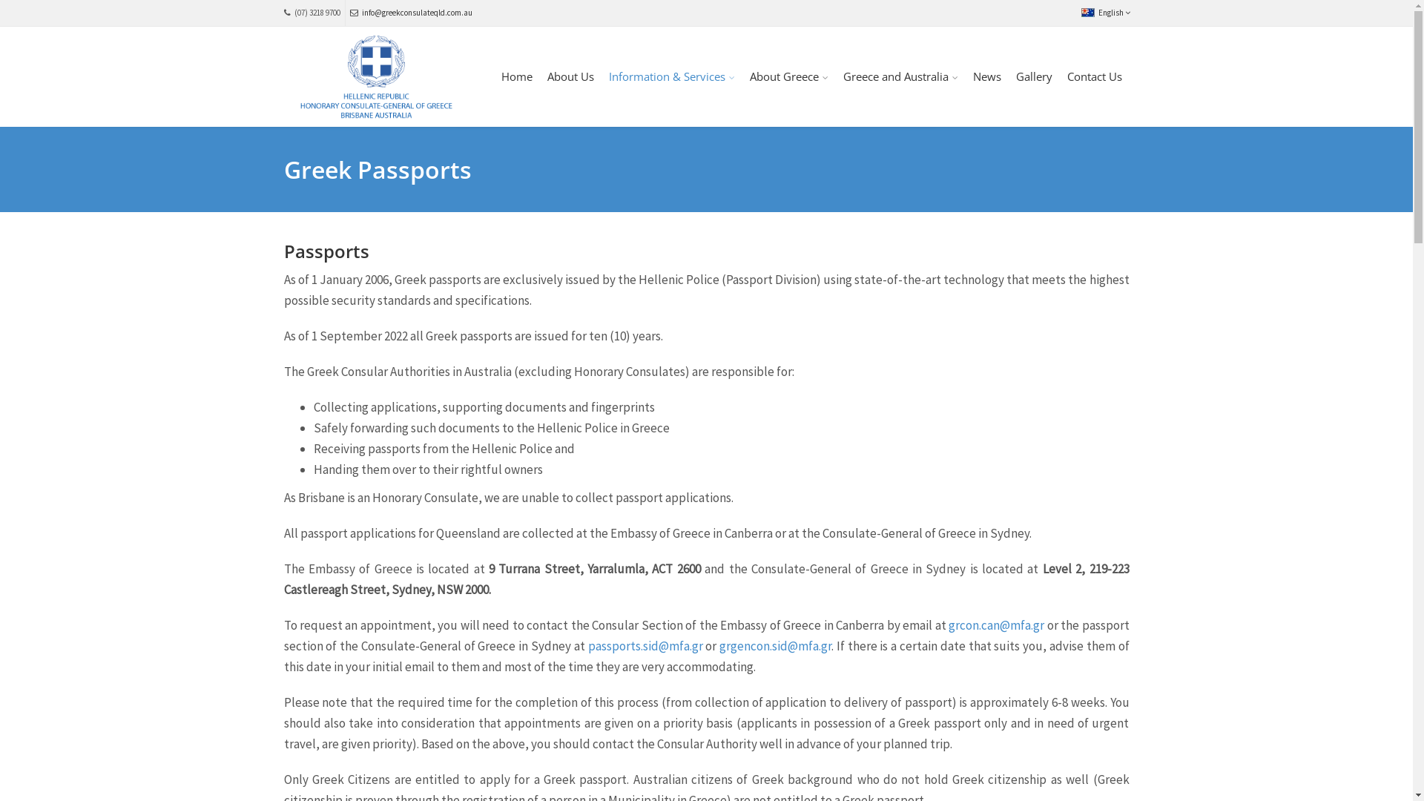 The height and width of the screenshot is (801, 1424). Describe the element at coordinates (787, 76) in the screenshot. I see `'About Greece'` at that location.